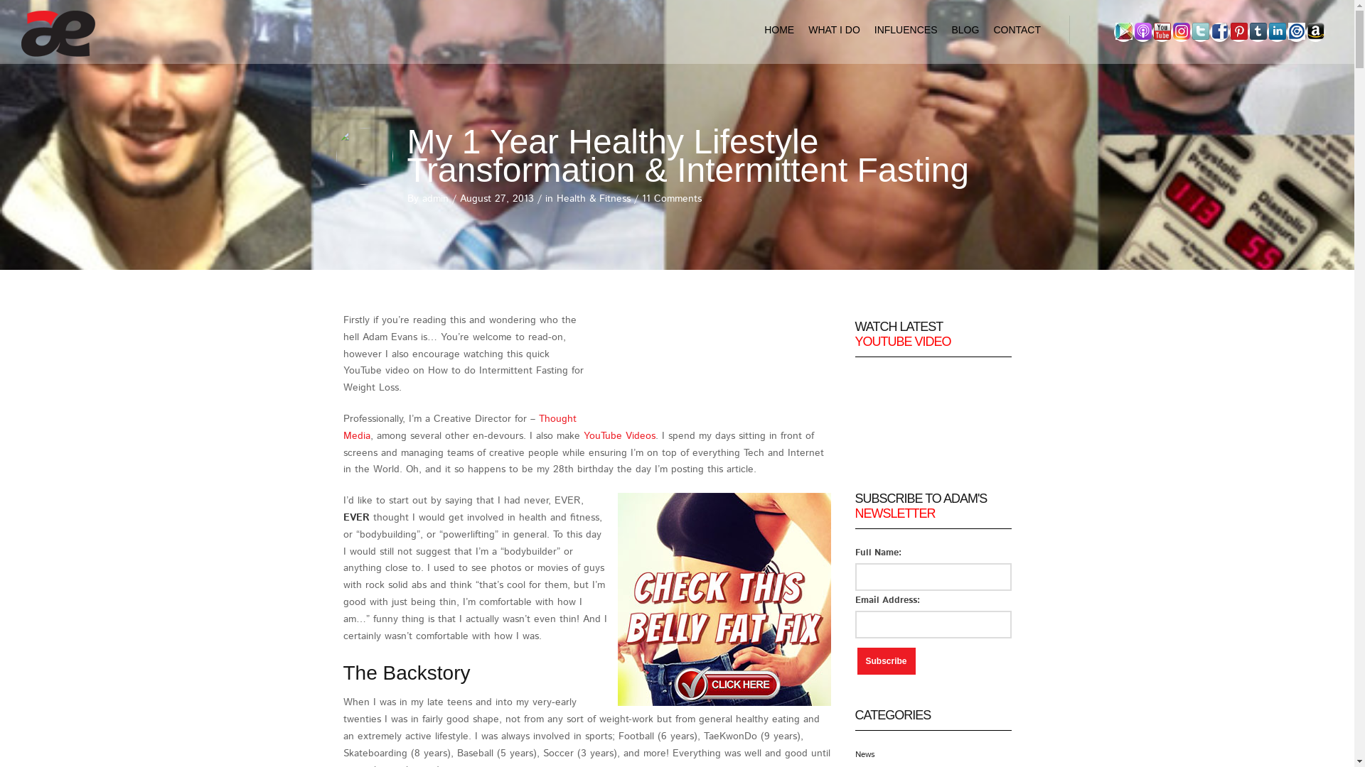 This screenshot has height=767, width=1365. I want to click on 'Tumblr', so click(1258, 32).